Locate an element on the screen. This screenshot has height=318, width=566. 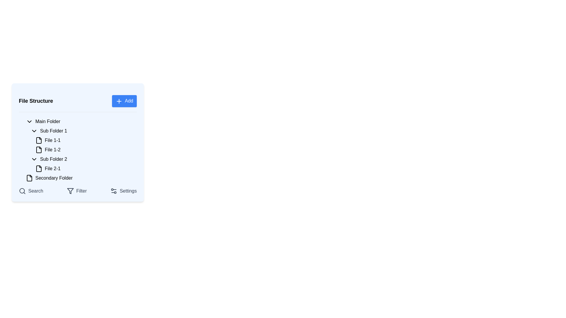
the text label 'Sub Folder 1' is located at coordinates (53, 130).